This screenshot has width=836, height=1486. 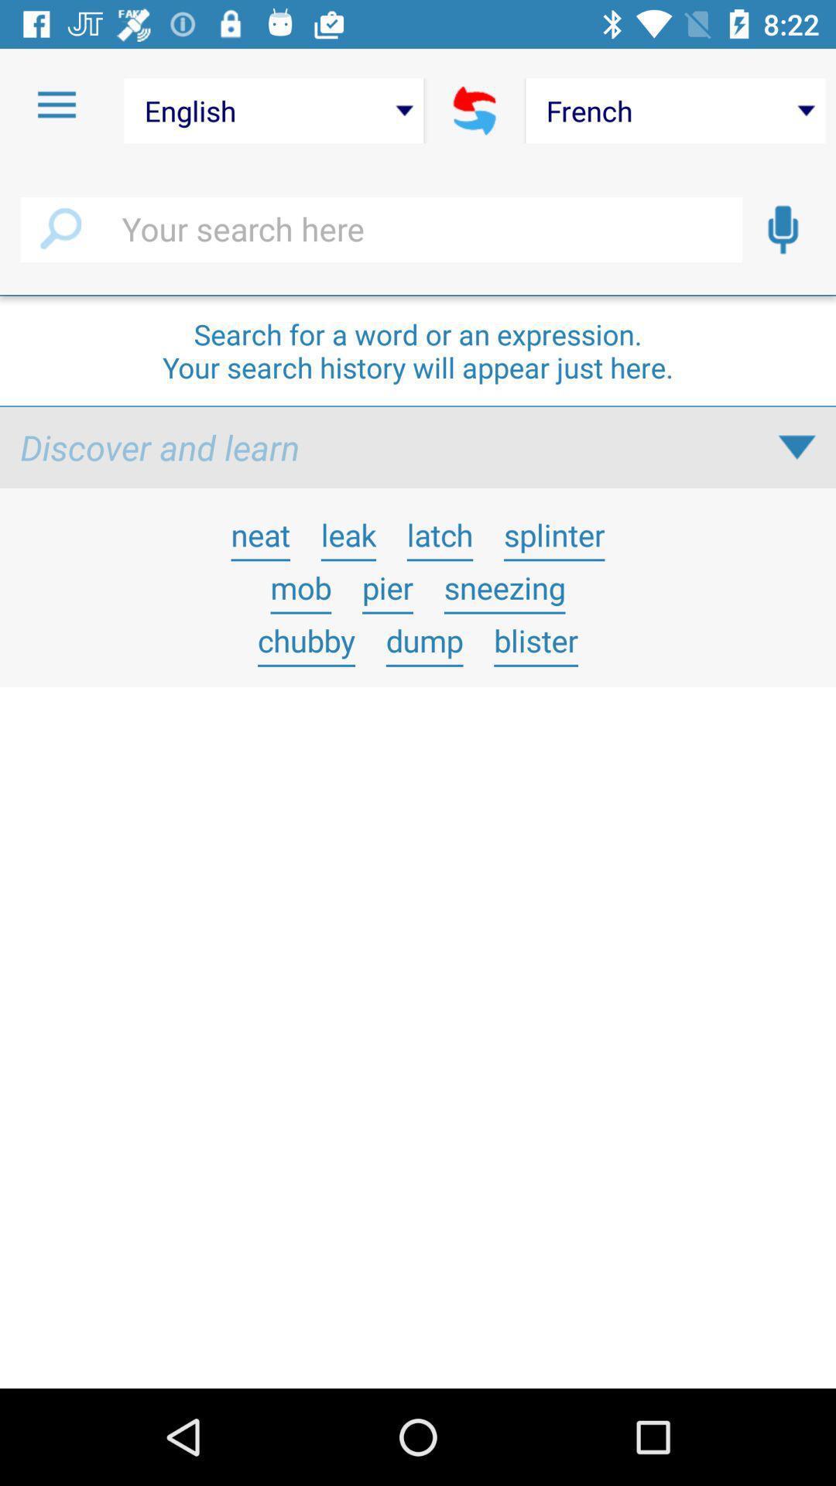 What do you see at coordinates (535, 640) in the screenshot?
I see `blister` at bounding box center [535, 640].